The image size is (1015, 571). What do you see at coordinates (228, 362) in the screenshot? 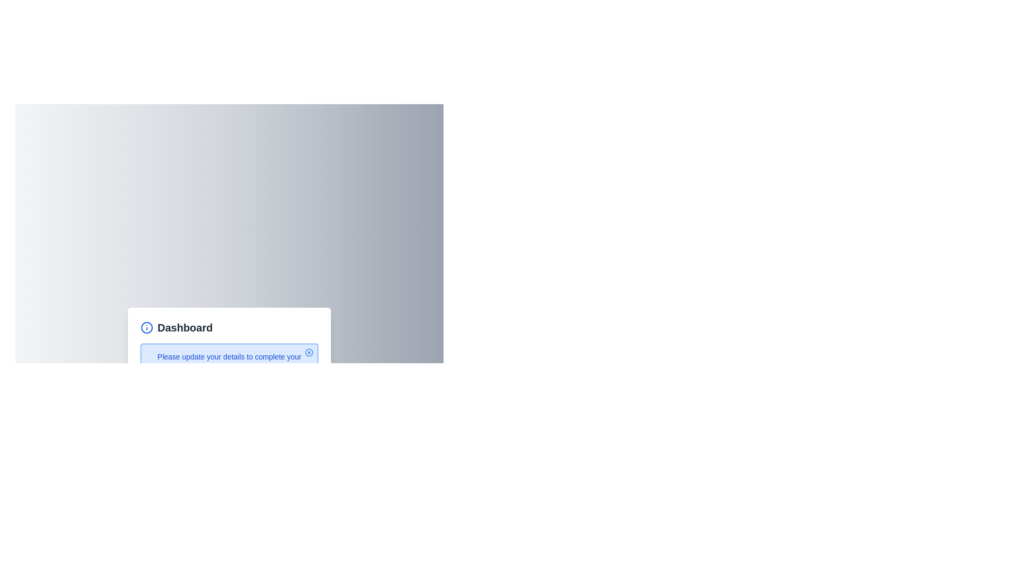
I see `the Notification box that prompts the user to update their details for completing their profile setup, located within a card on the dashboard UI` at bounding box center [228, 362].